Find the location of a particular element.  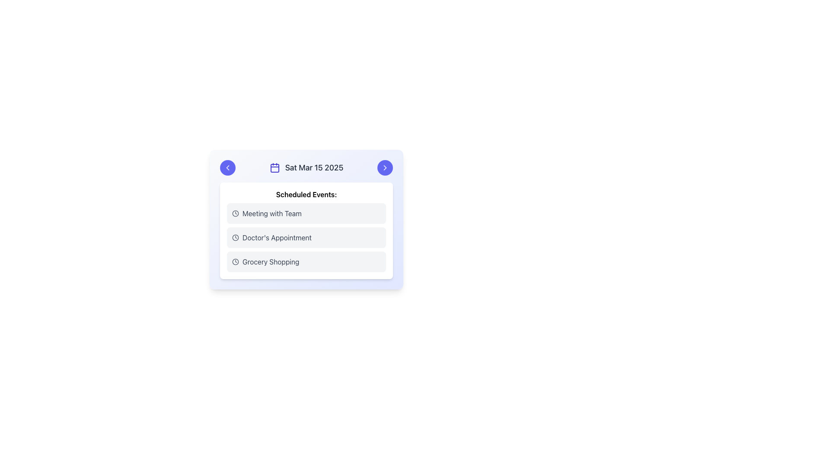

the 'Grocery Shopping' text label, which is styled in dark gray and located in the lower section of the 'Scheduled Events' list, specifically at the third position is located at coordinates (270, 261).